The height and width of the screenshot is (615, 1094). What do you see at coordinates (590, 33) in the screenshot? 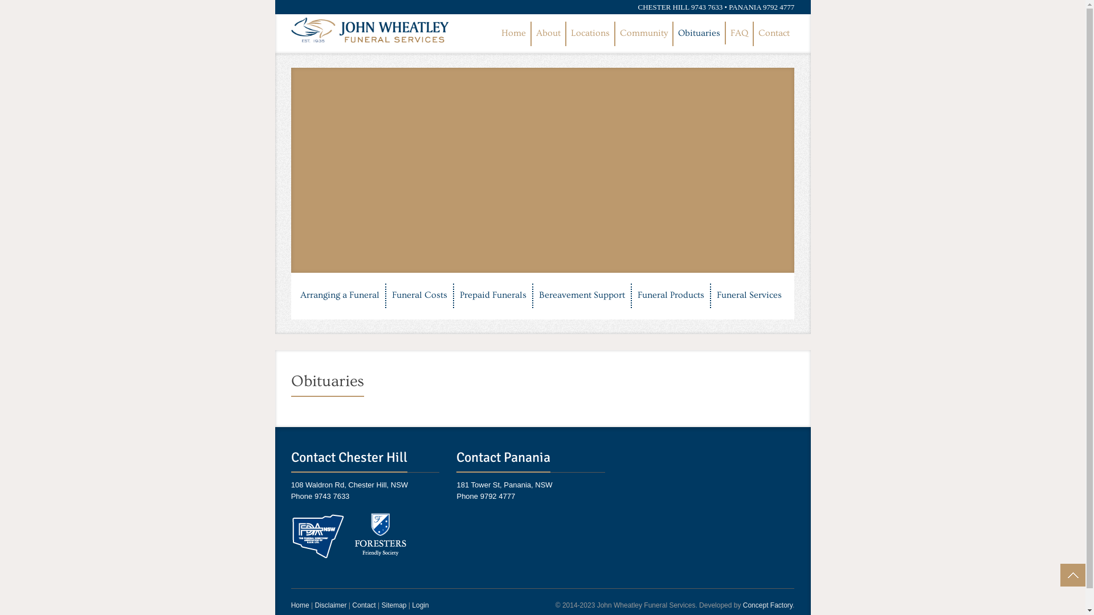
I see `'Locations'` at bounding box center [590, 33].